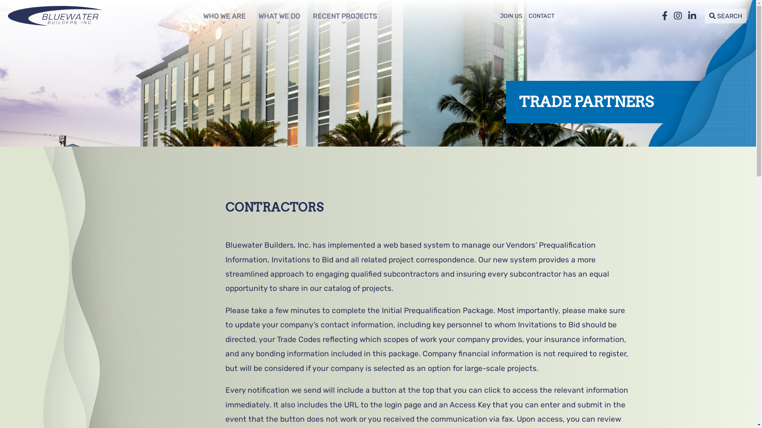  What do you see at coordinates (306, 16) in the screenshot?
I see `'RECENT PROJECTS'` at bounding box center [306, 16].